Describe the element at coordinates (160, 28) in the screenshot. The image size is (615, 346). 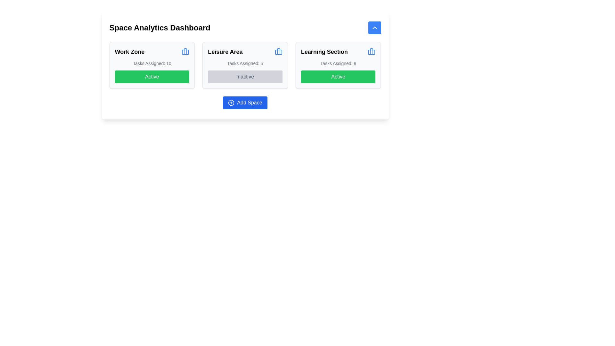
I see `the textual header 'Space Analytics Dashboard', which is styled in bold and positioned prominently in the top-left section of the interface` at that location.